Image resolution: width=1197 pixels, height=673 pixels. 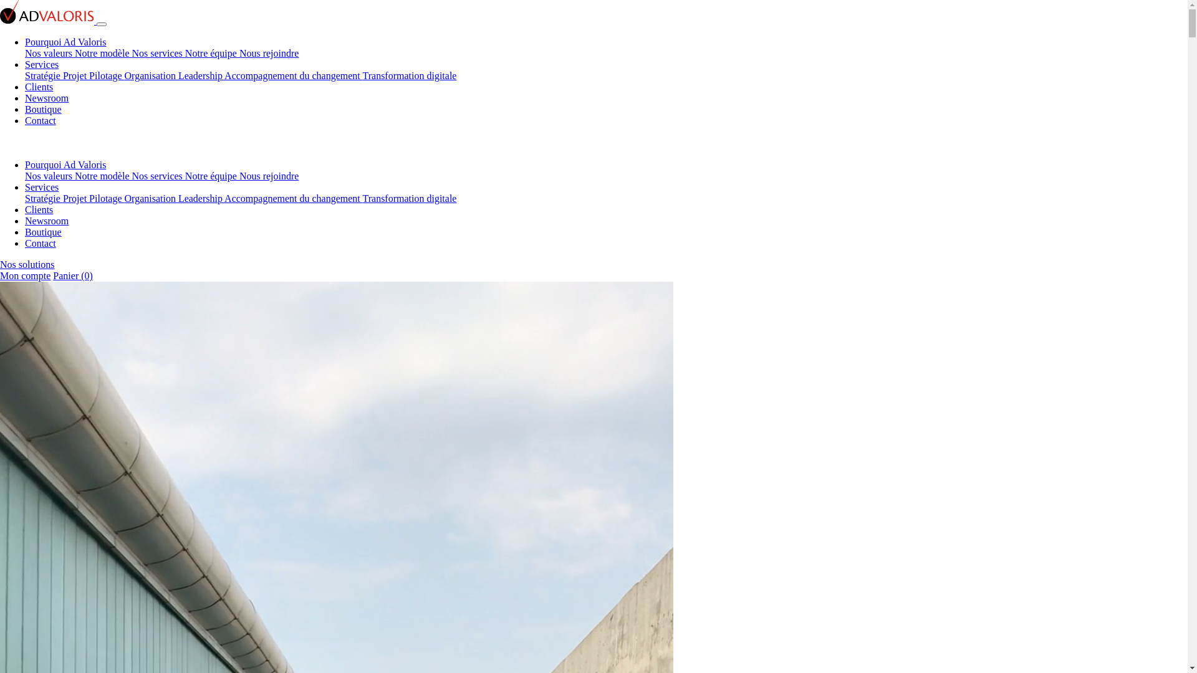 I want to click on 'Nos valeurs', so click(x=50, y=176).